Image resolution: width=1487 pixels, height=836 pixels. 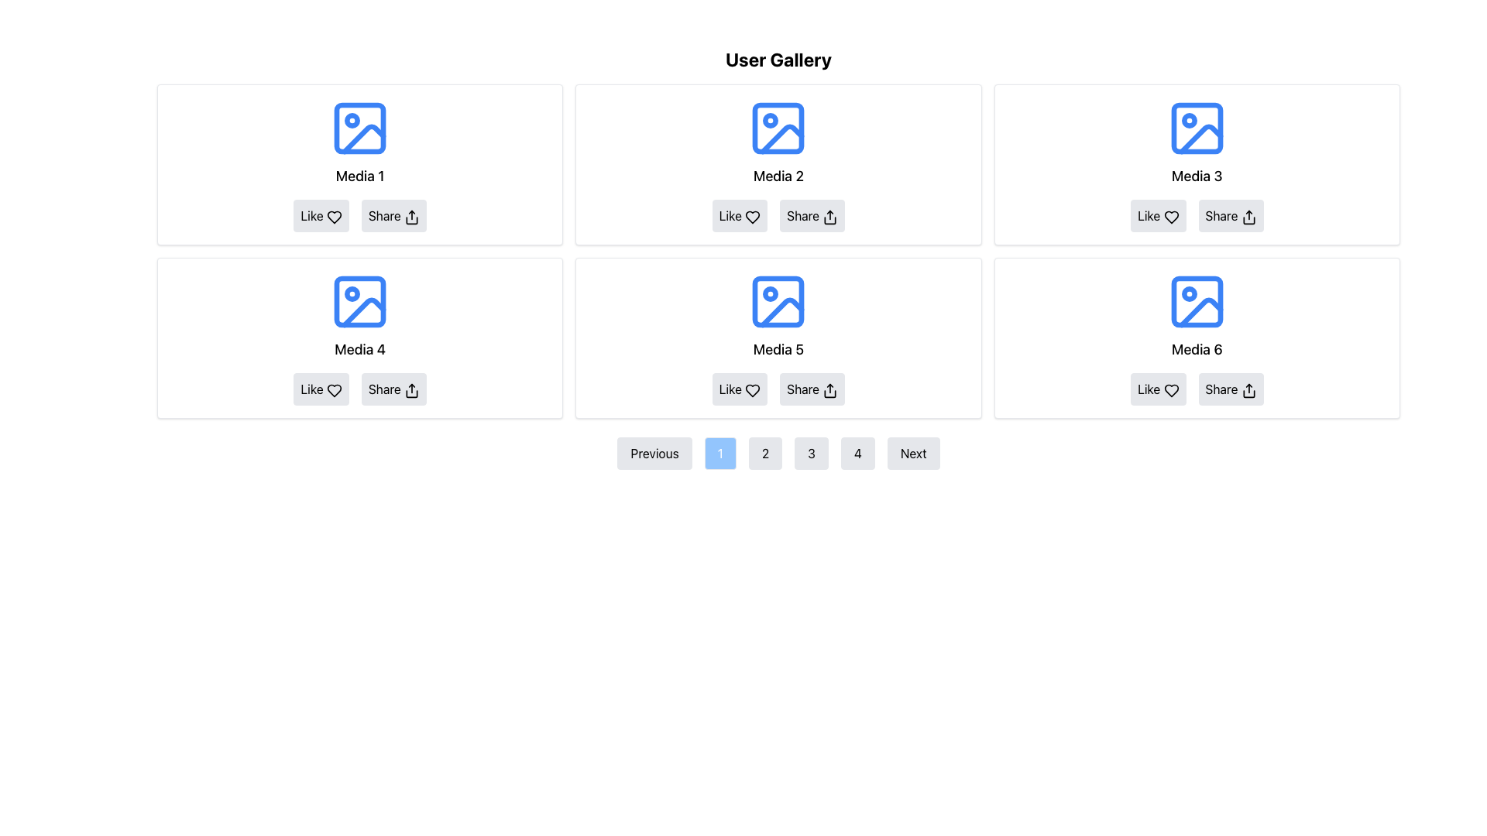 I want to click on the heart icon under the 'Media 2' item in the user gallery, so click(x=753, y=217).